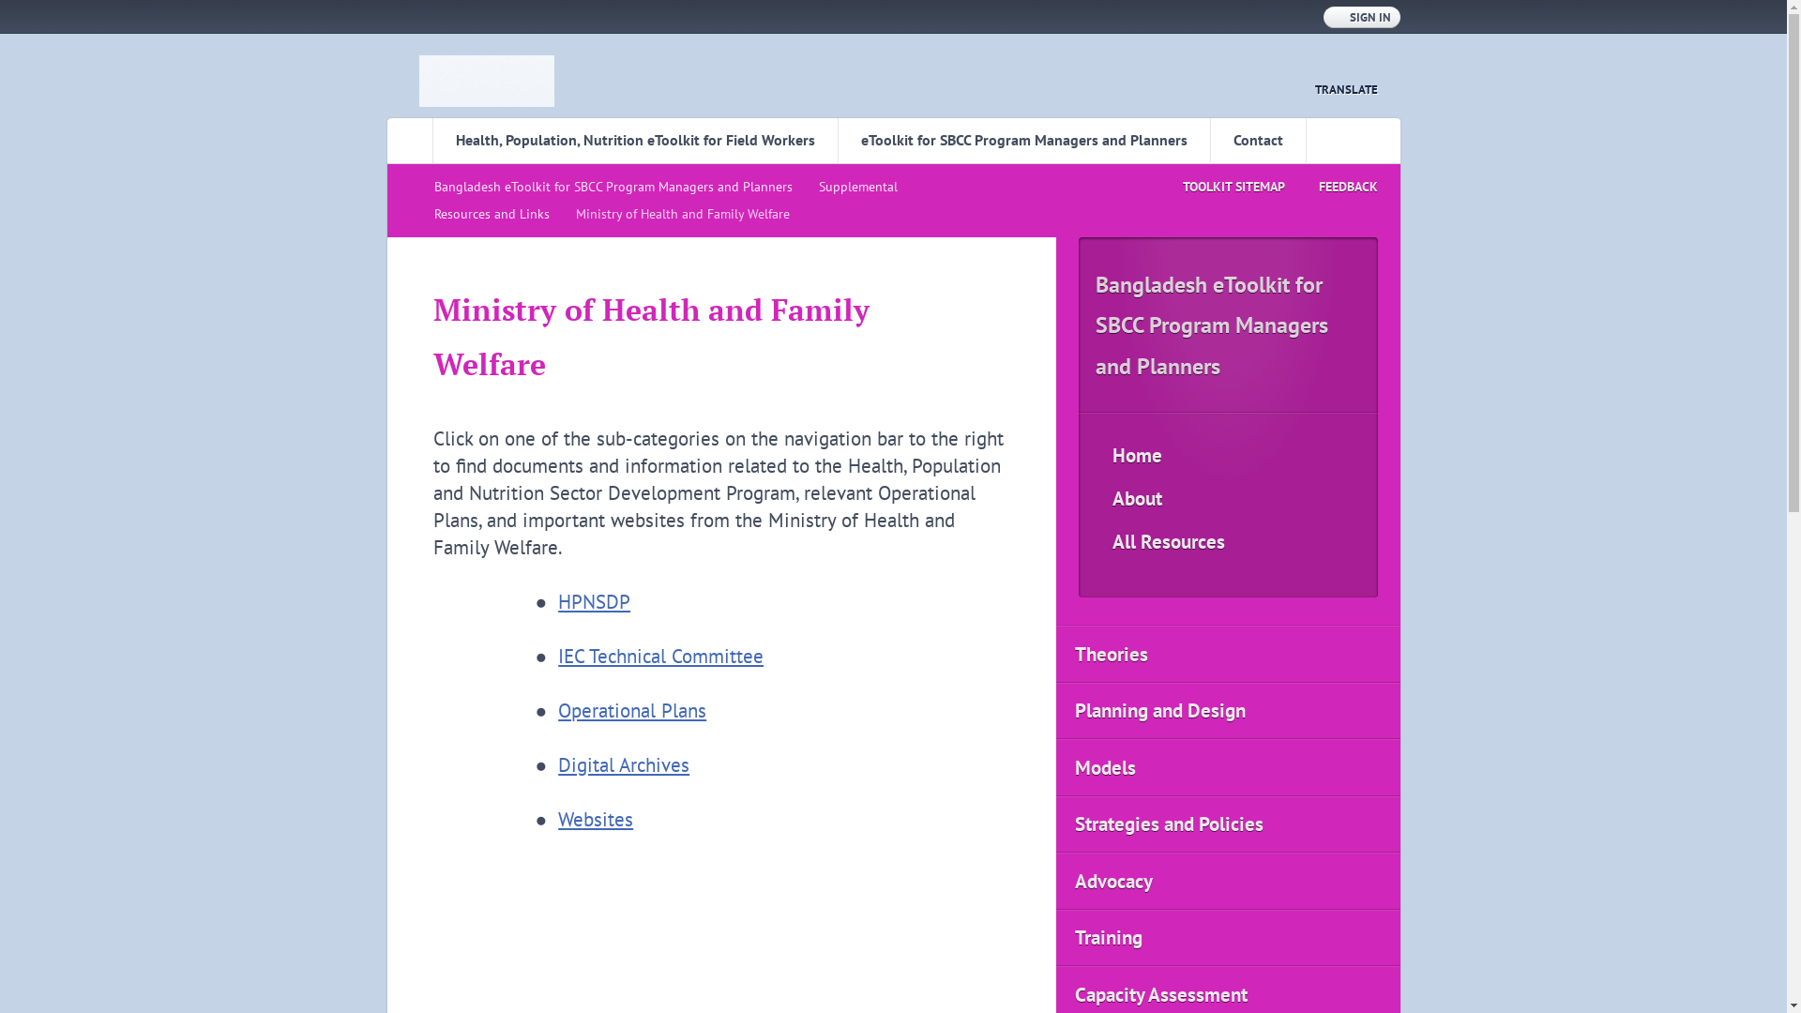  What do you see at coordinates (1228, 881) in the screenshot?
I see `'Advocacy'` at bounding box center [1228, 881].